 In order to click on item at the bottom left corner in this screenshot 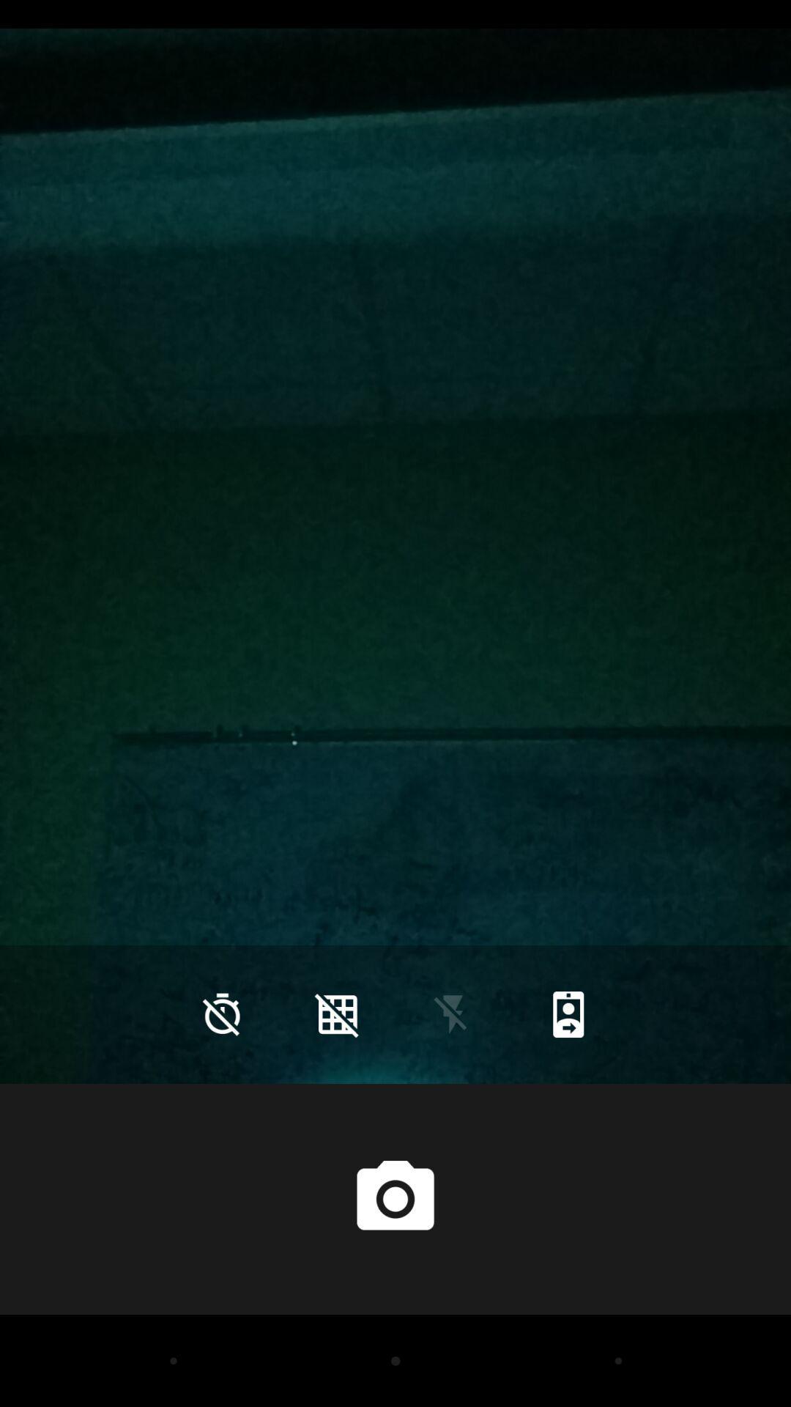, I will do `click(222, 1013)`.